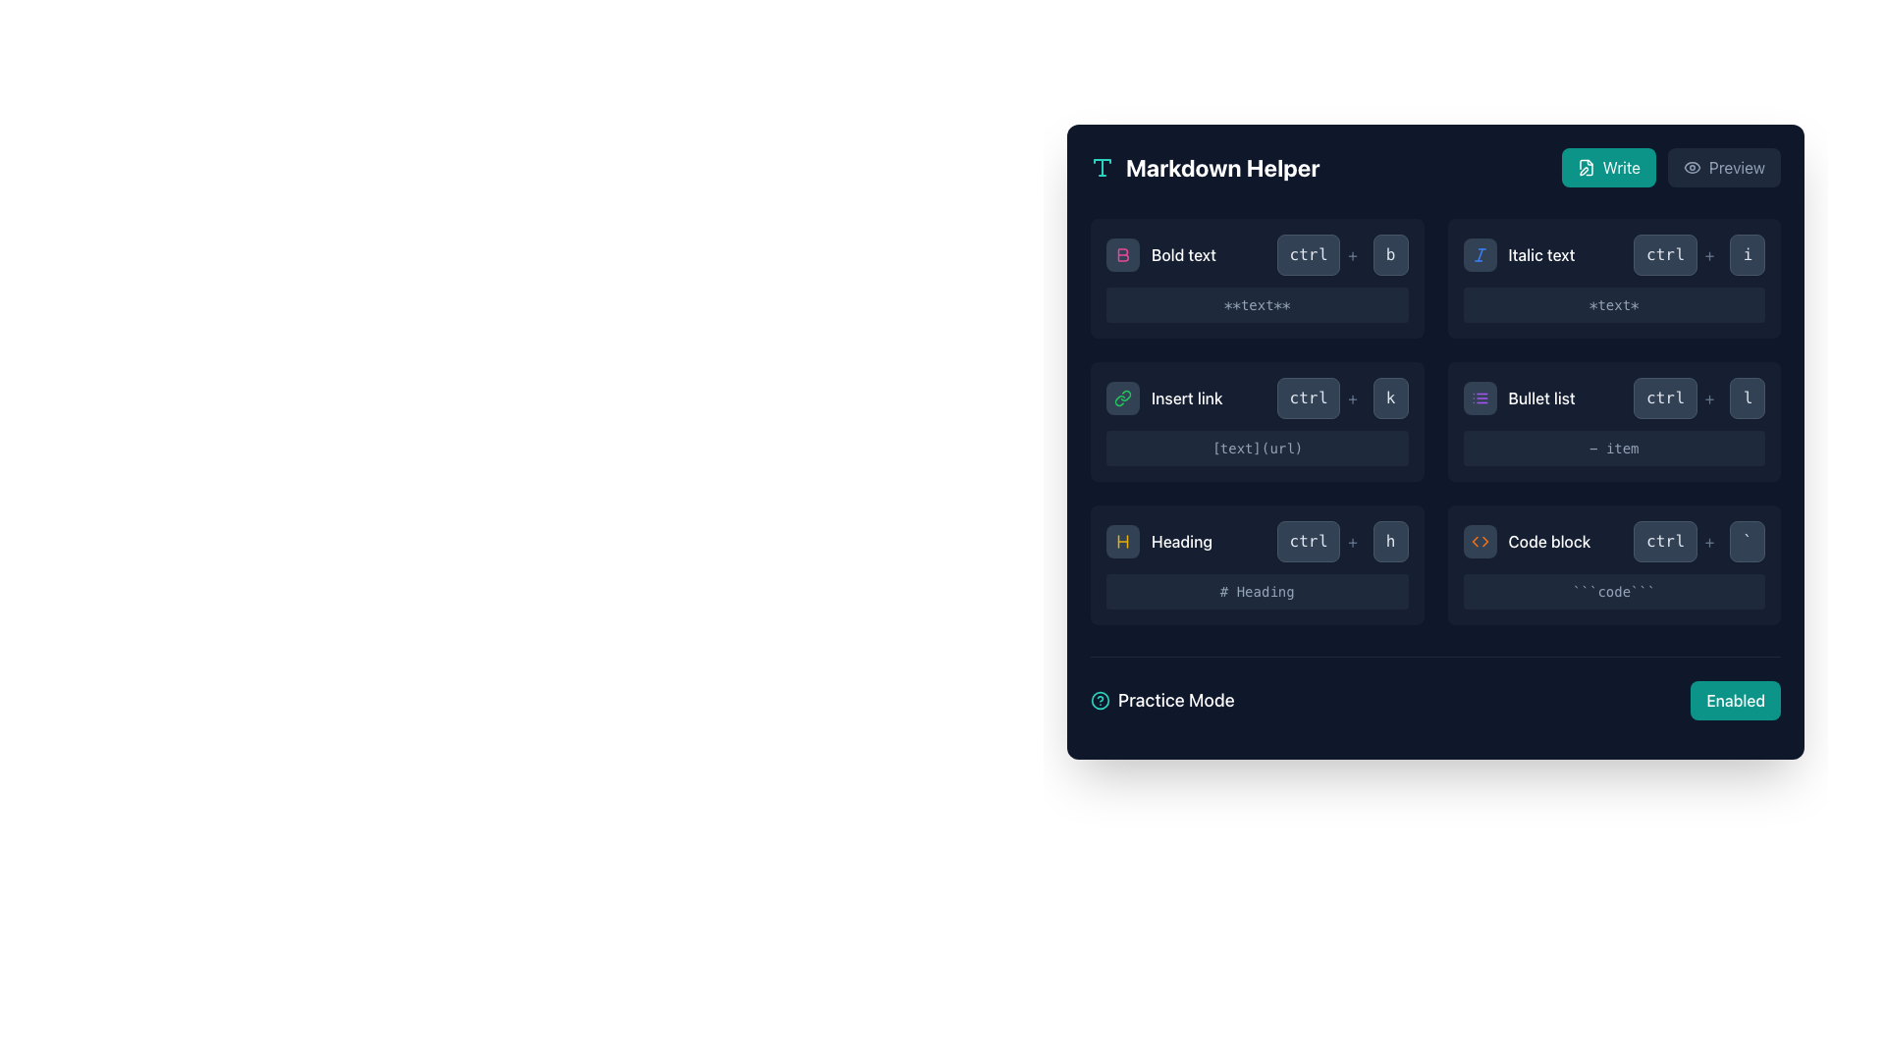 This screenshot has height=1060, width=1885. I want to click on the 'Ctrl' key button located in the bottom-right section of the grid layout for keyboard shortcuts, which is the first element indicating a 'Code block' action, so click(1664, 541).